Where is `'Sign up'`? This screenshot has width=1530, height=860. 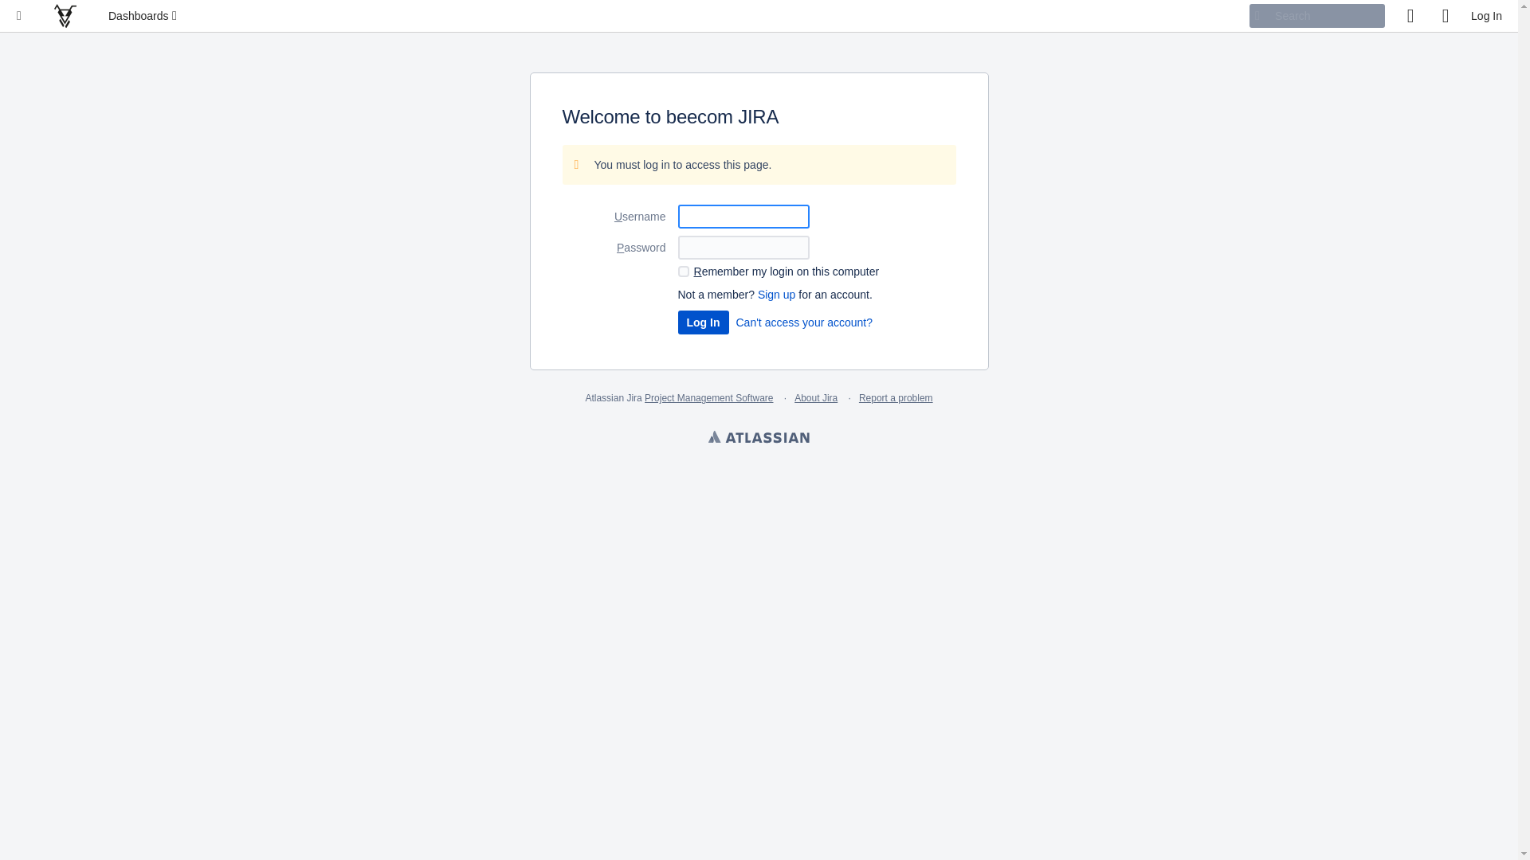 'Sign up' is located at coordinates (776, 295).